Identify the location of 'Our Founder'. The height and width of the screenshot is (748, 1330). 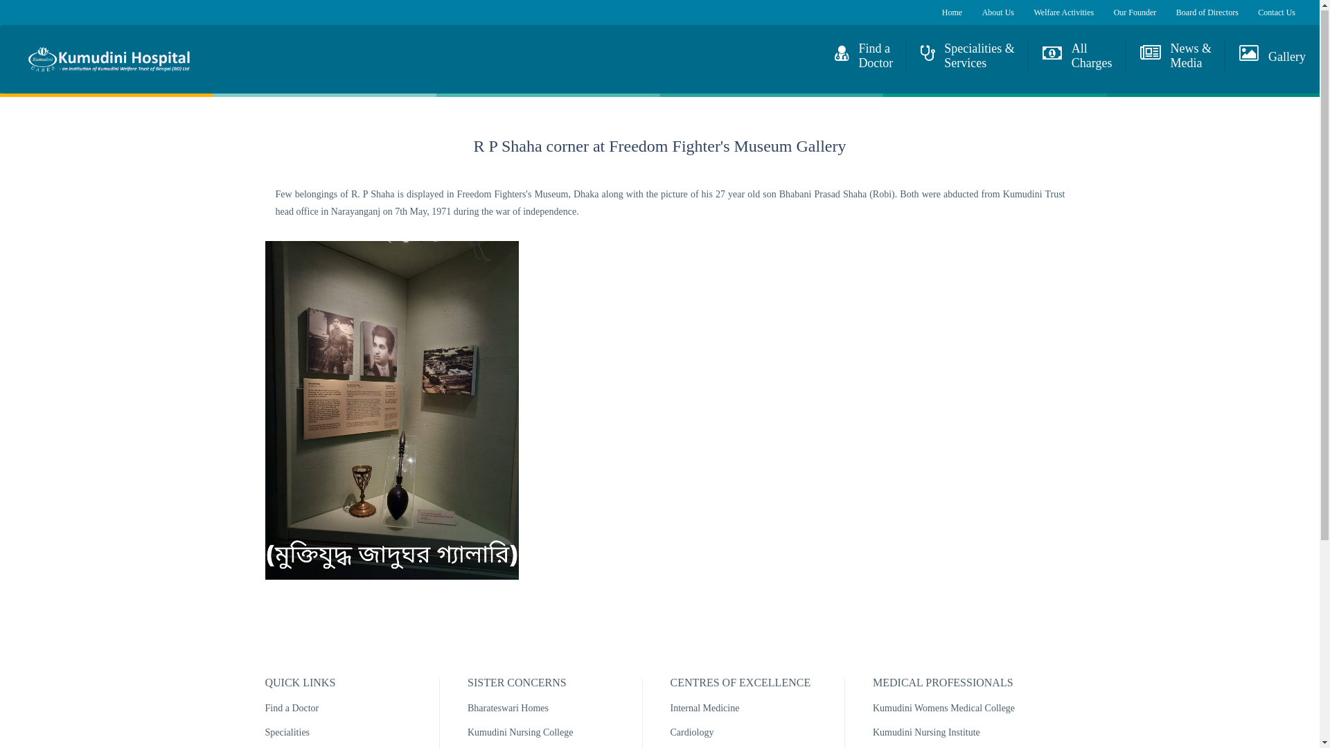
(1135, 13).